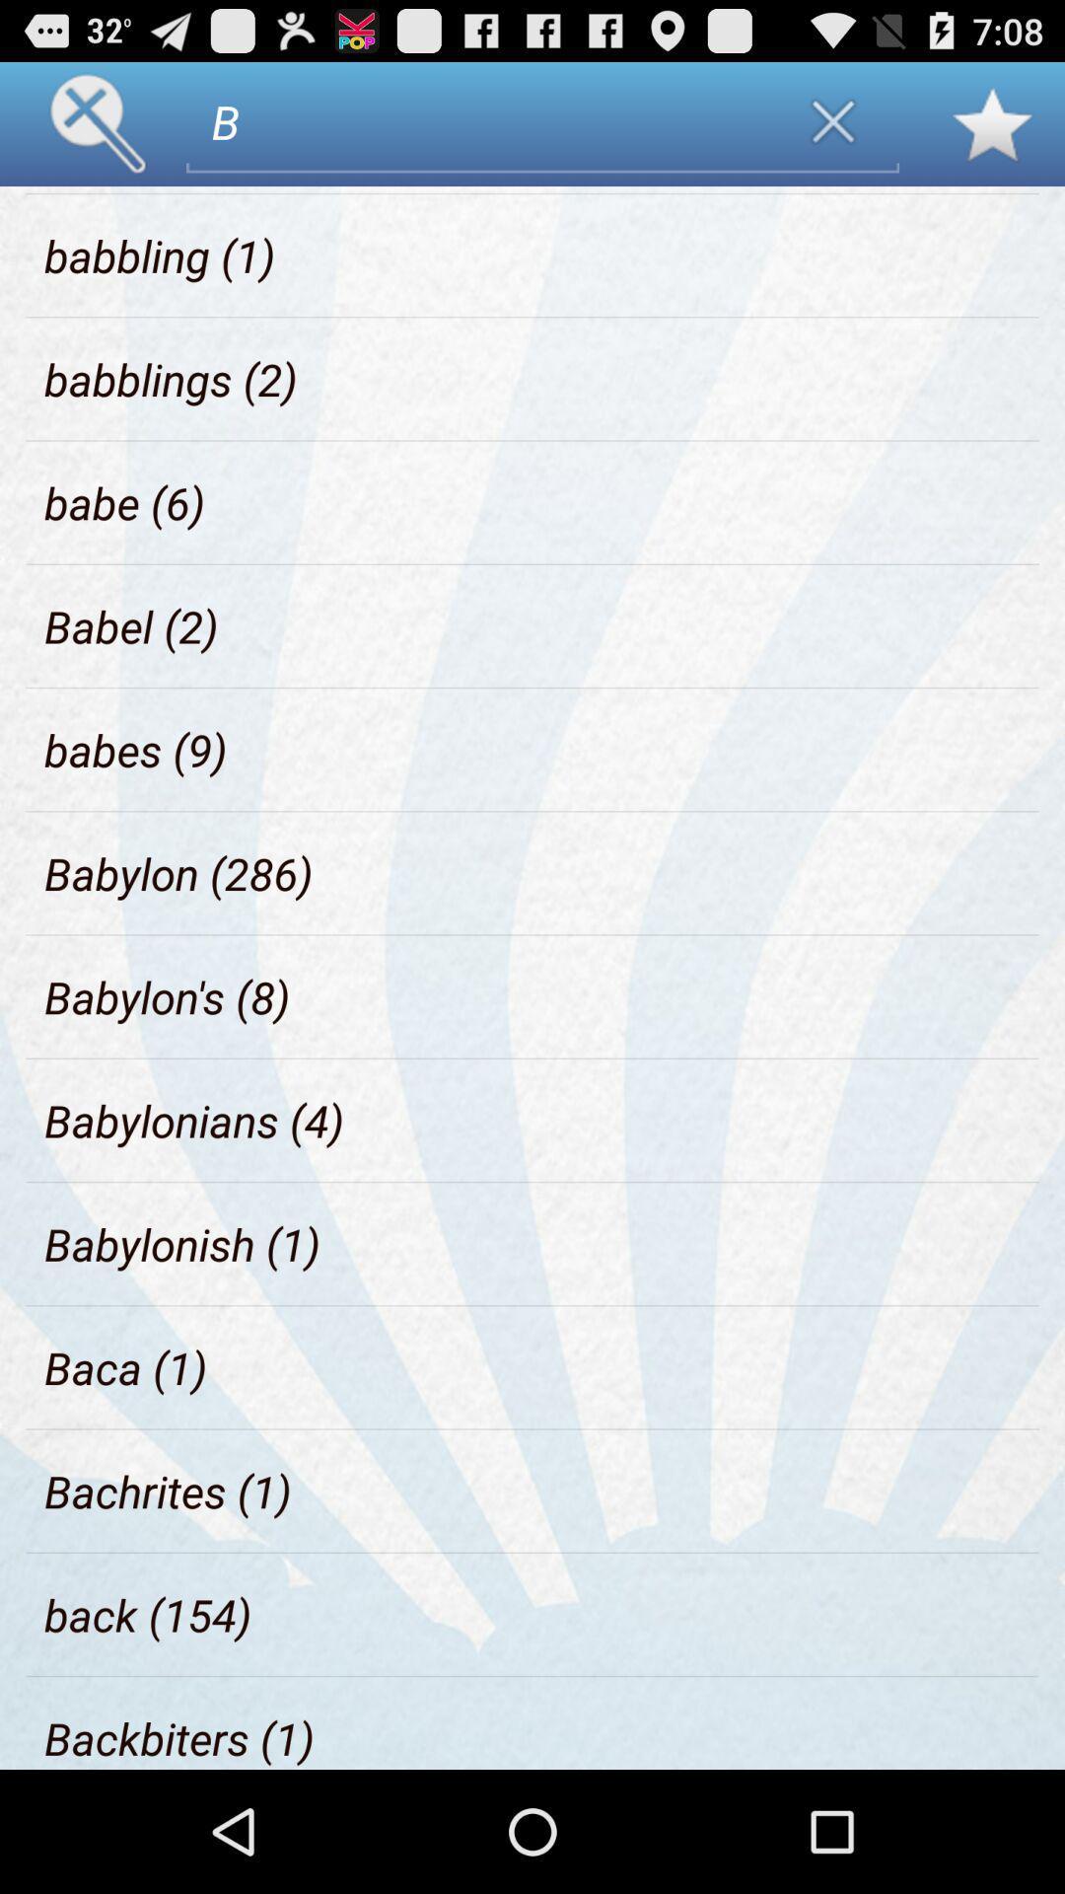 This screenshot has height=1894, width=1065. What do you see at coordinates (170, 379) in the screenshot?
I see `the icon below babbling (1) item` at bounding box center [170, 379].